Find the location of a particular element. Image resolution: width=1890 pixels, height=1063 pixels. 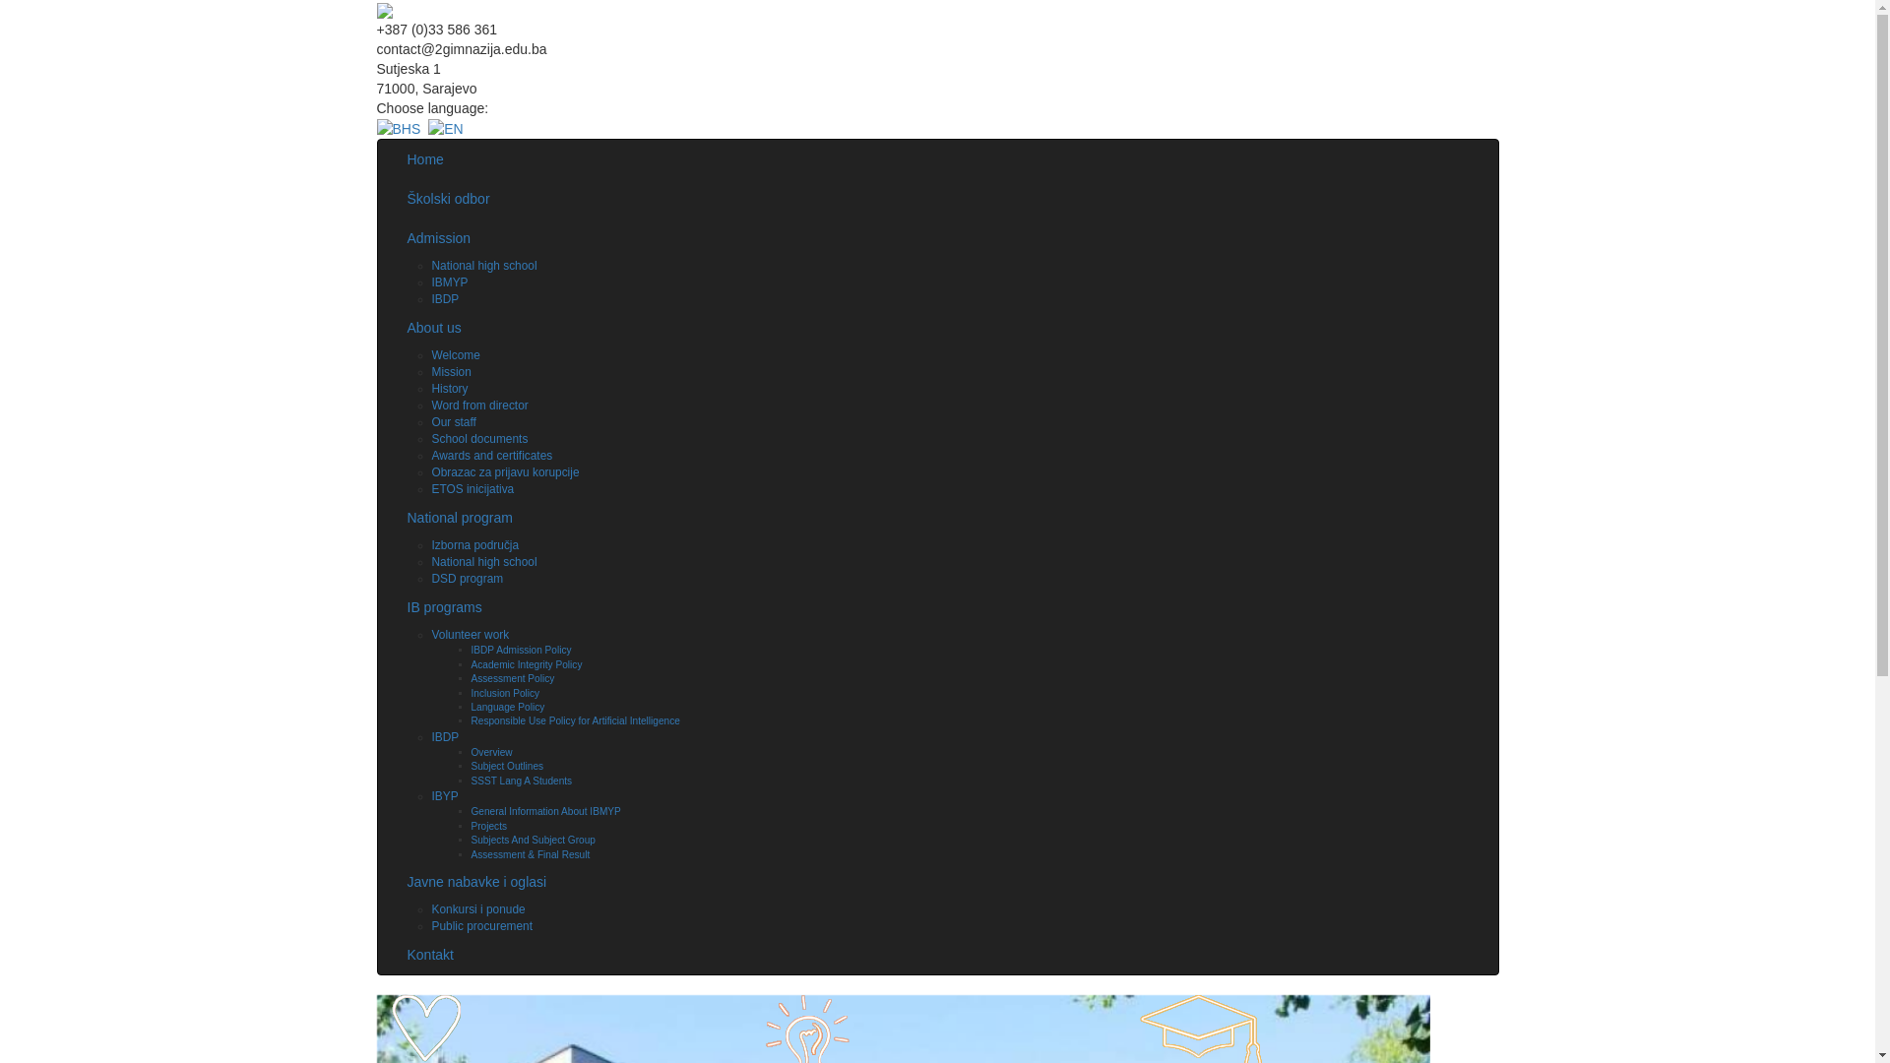

'ETOS inicijativa' is located at coordinates (429, 488).